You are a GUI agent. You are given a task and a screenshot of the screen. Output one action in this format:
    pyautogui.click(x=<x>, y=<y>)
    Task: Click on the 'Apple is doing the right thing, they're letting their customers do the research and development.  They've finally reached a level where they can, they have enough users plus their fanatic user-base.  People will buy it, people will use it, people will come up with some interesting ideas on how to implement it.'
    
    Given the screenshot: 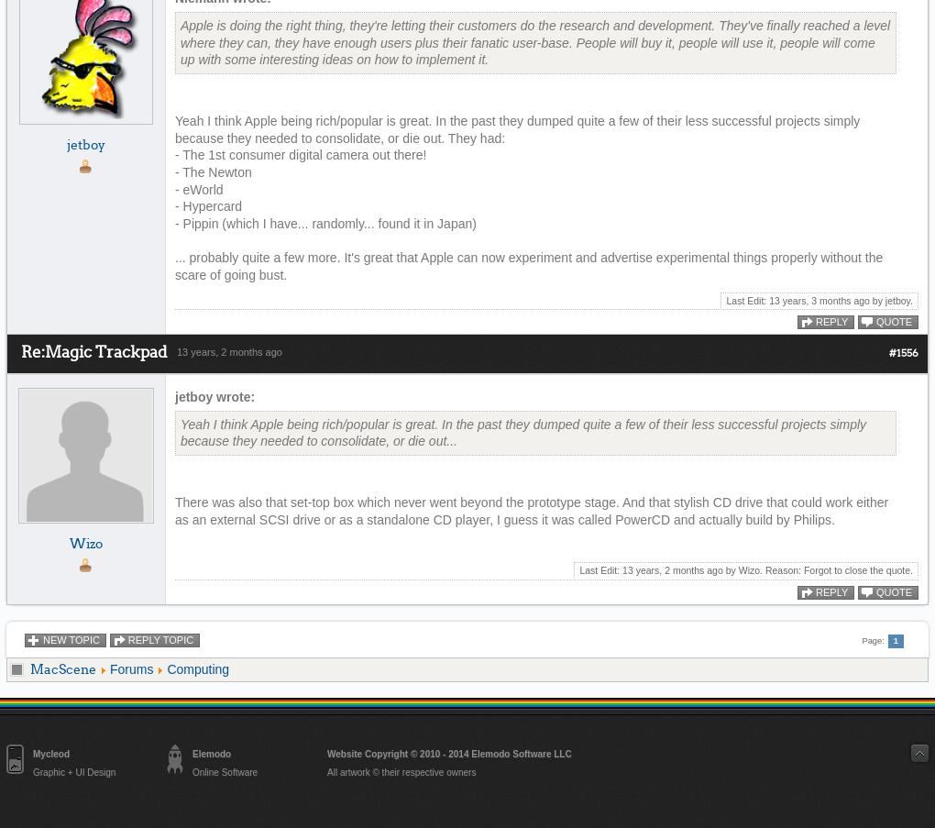 What is the action you would take?
    pyautogui.click(x=534, y=40)
    